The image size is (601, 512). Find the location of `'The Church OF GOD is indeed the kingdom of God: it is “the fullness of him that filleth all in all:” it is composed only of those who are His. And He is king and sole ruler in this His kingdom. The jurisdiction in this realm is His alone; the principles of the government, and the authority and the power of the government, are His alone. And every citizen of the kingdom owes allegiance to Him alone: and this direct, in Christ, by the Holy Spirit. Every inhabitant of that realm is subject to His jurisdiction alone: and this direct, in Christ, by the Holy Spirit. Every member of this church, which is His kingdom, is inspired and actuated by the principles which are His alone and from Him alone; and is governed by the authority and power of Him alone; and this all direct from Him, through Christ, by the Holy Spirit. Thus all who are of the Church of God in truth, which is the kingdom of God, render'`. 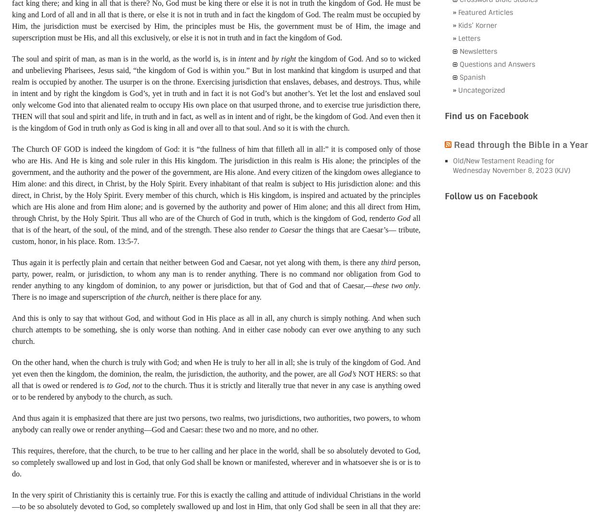

'The Church OF GOD is indeed the kingdom of God: it is “the fullness of him that filleth all in all:” it is composed only of those who are His. And He is king and sole ruler in this His kingdom. The jurisdiction in this realm is His alone; the principles of the government, and the authority and the power of the government, are His alone. And every citizen of the kingdom owes allegiance to Him alone: and this direct, in Christ, by the Holy Spirit. Every inhabitant of that realm is subject to His jurisdiction alone: and this direct, in Christ, by the Holy Spirit. Every member of this church, which is His kingdom, is inspired and actuated by the principles which are His alone and from Him alone; and is governed by the authority and power of Him alone; and this all direct from Him, through Christ, by the Holy Spirit. Thus all who are of the Church of God in truth, which is the kingdom of God, render' is located at coordinates (12, 183).